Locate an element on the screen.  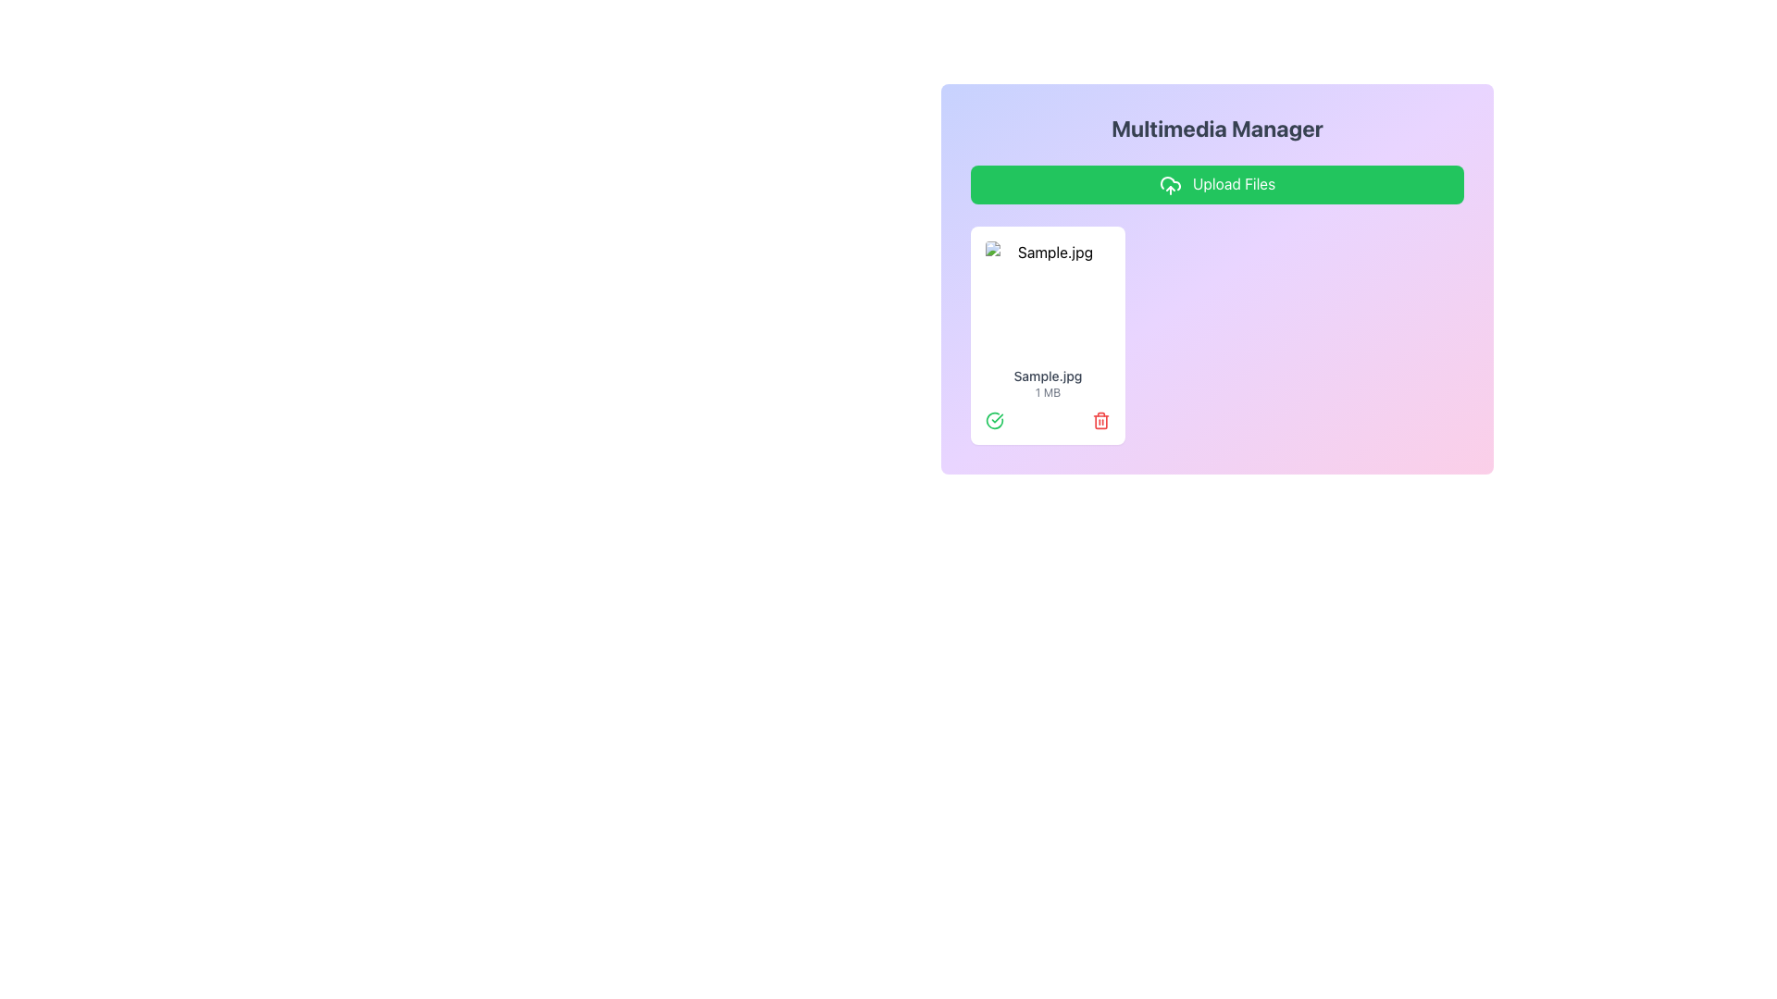
the button located below the title 'Multimedia Manager' is located at coordinates (1217, 184).